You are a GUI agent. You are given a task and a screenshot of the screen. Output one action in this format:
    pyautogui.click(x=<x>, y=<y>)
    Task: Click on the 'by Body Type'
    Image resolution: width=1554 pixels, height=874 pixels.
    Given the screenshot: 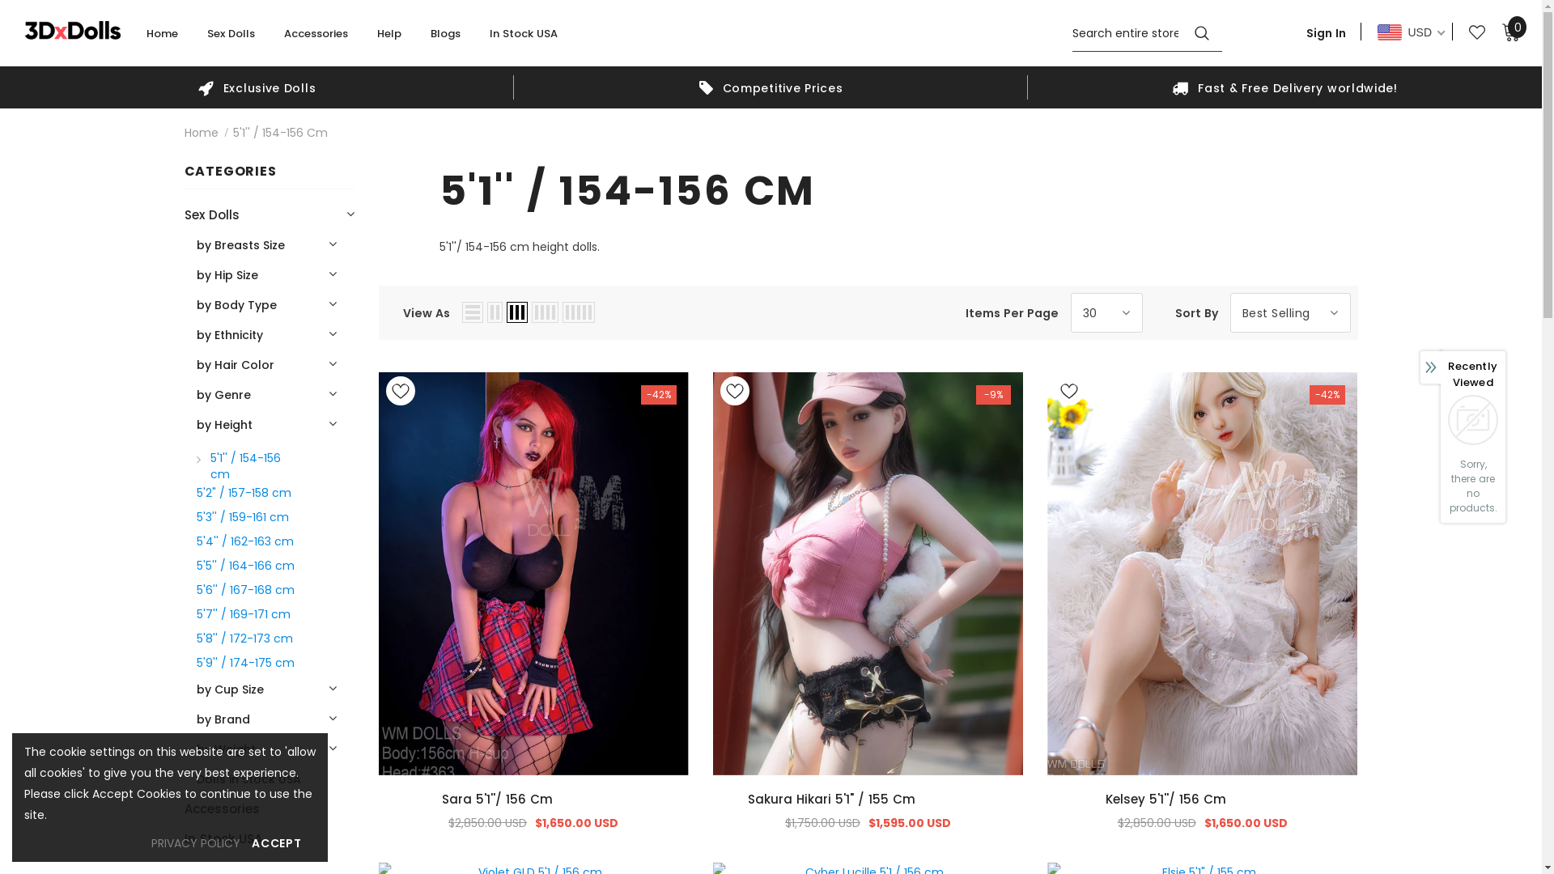 What is the action you would take?
    pyautogui.click(x=235, y=304)
    